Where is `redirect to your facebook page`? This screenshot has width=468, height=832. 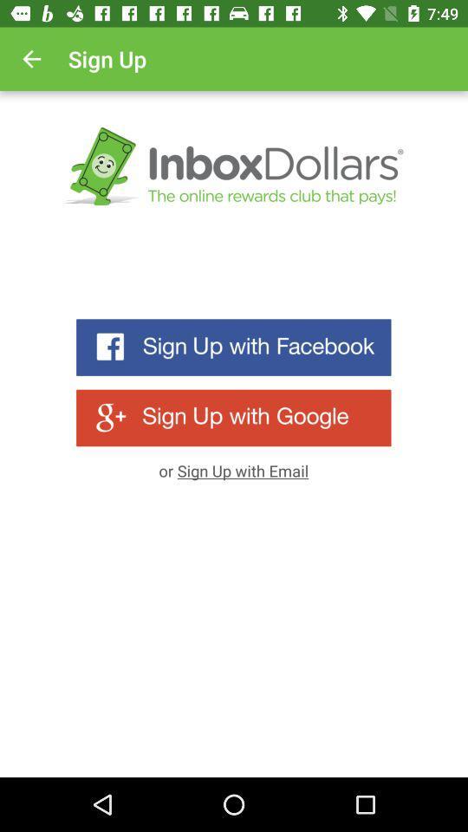 redirect to your facebook page is located at coordinates (233, 347).